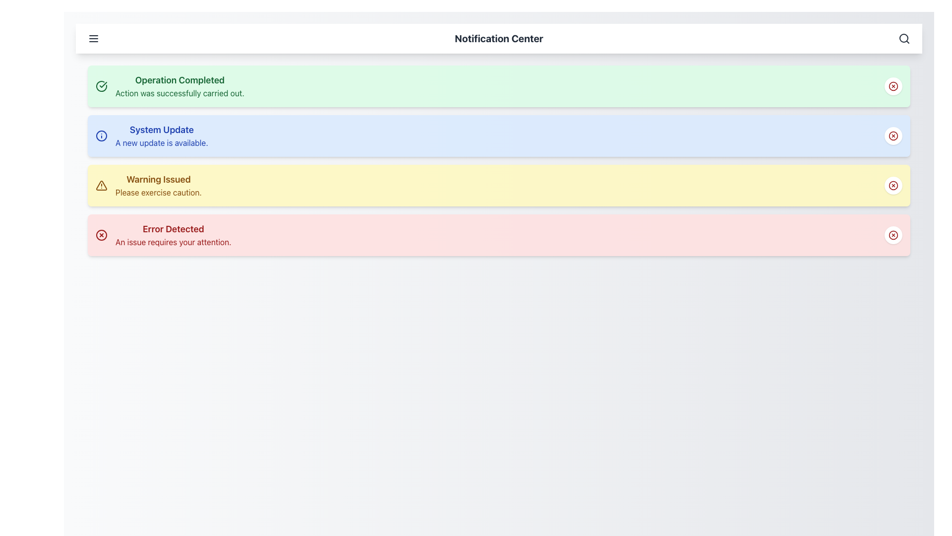 The width and height of the screenshot is (952, 536). Describe the element at coordinates (103, 84) in the screenshot. I see `the checkmark symbol within the success icon located at the top of the list on the left-hand side of the notification titled 'Operation Completed'` at that location.